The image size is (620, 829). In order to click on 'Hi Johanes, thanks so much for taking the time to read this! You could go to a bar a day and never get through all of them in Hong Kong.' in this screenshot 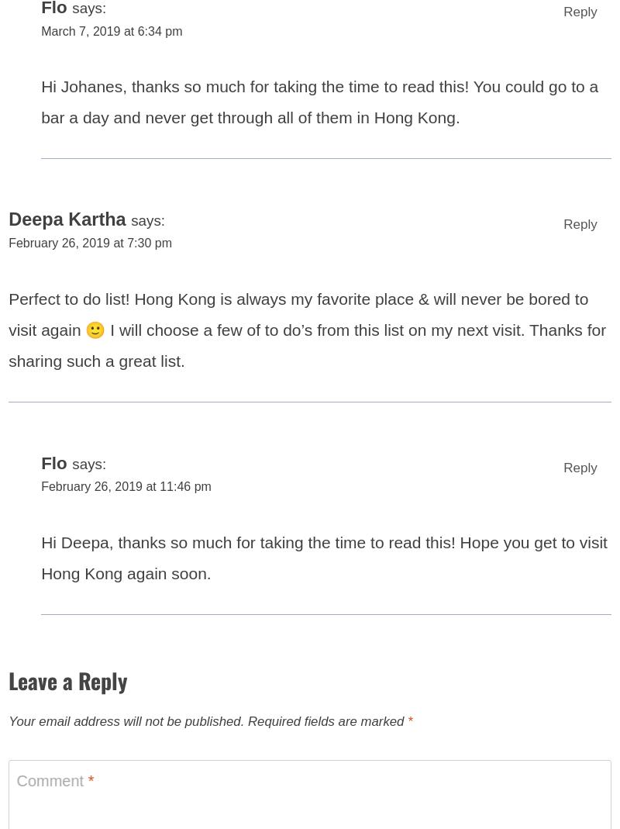, I will do `click(40, 111)`.